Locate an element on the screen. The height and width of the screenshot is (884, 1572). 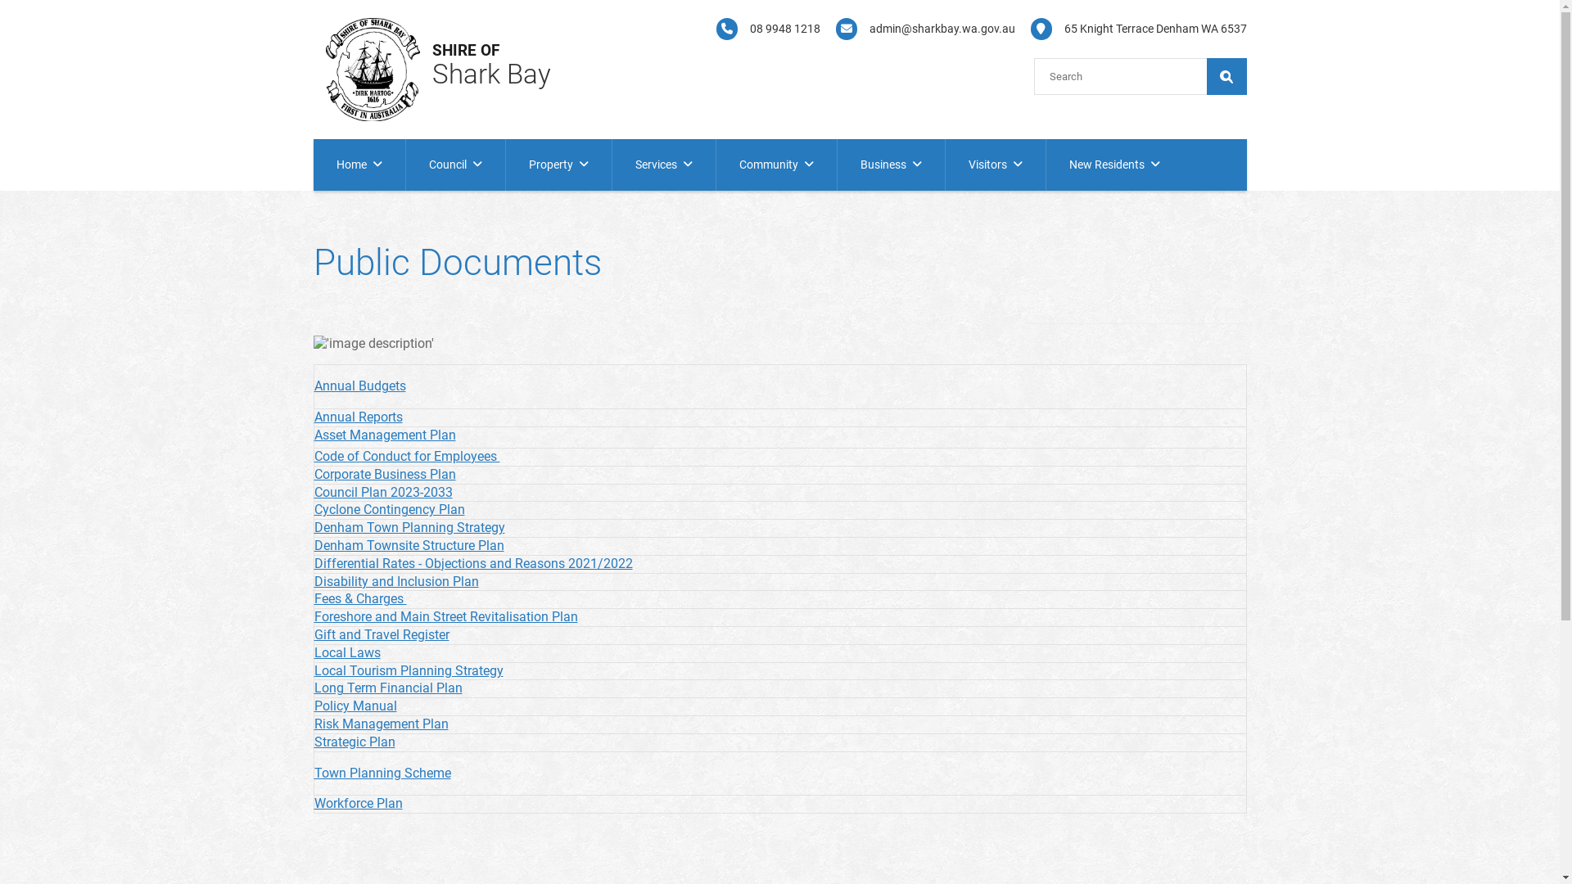
'Fees & Charges ' is located at coordinates (359, 598).